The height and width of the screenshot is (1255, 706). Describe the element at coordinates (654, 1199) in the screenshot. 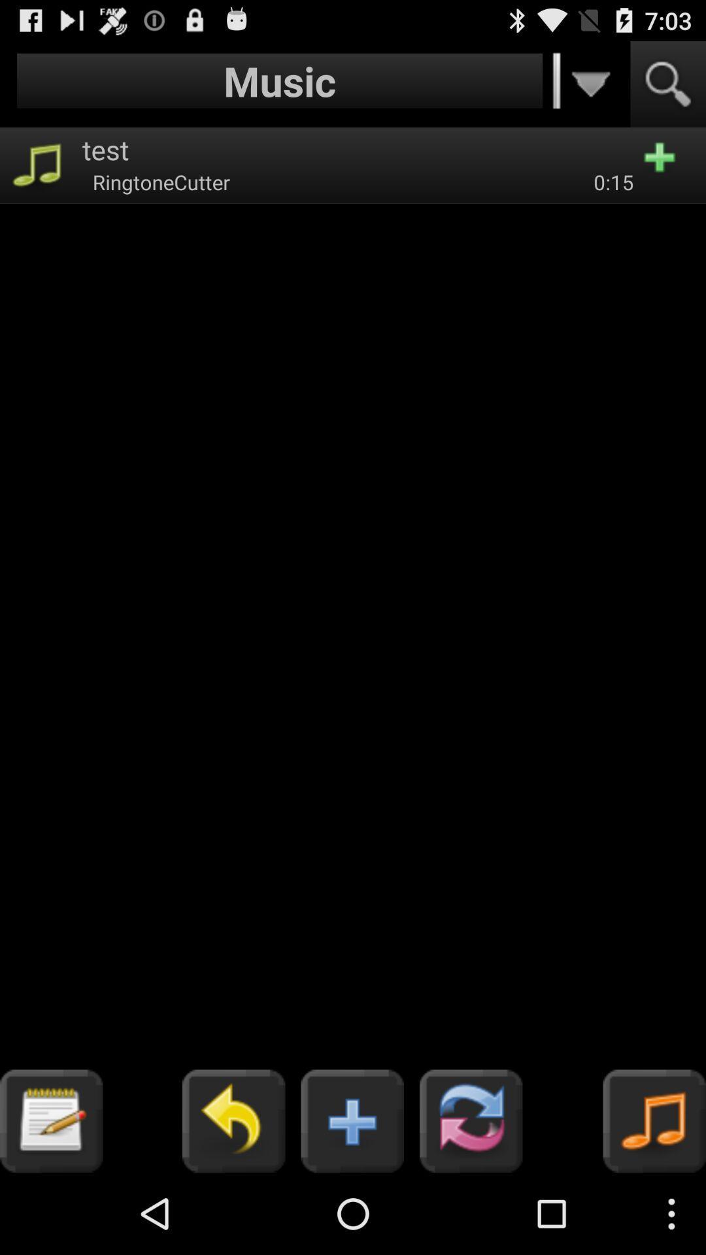

I see `the music icon` at that location.